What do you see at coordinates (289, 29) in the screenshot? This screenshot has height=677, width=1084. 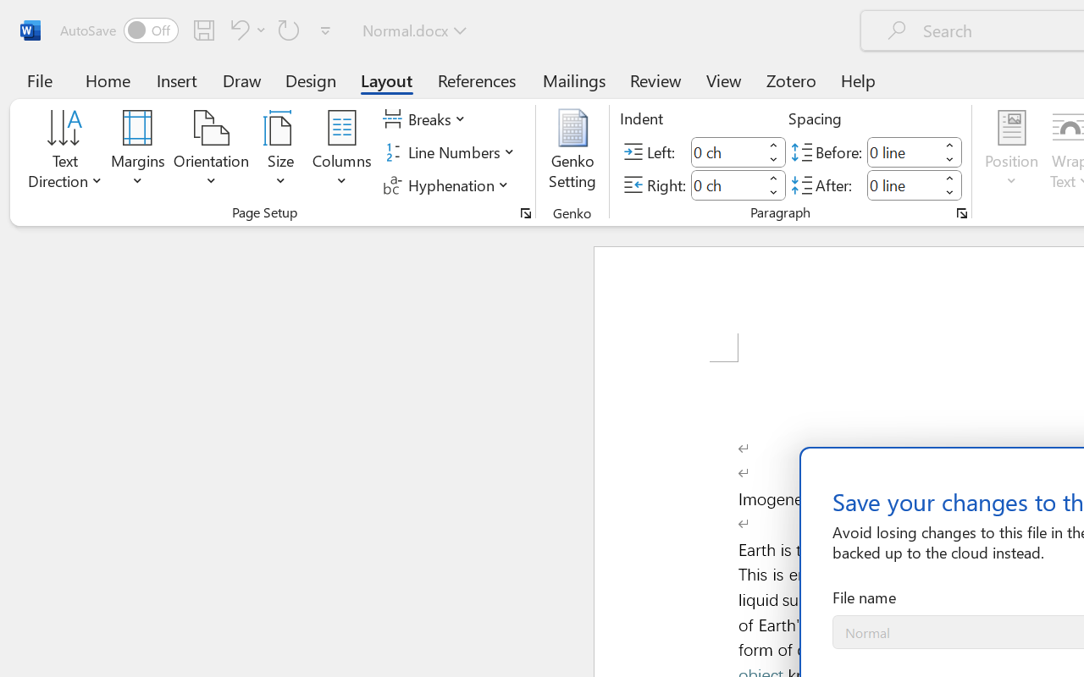 I see `'Repeat Paste Option'` at bounding box center [289, 29].